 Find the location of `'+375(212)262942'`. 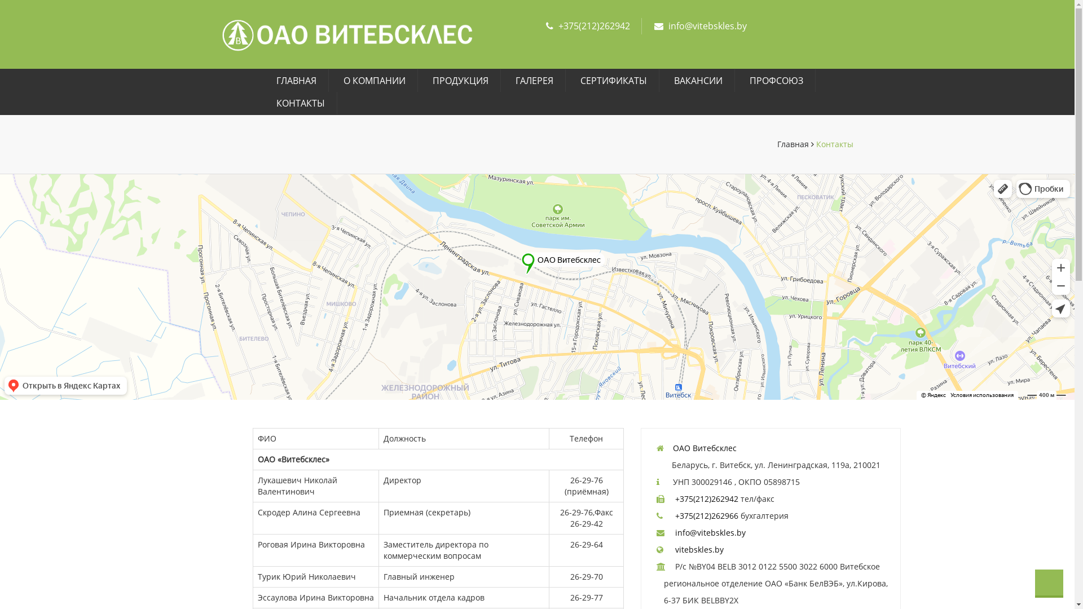

'+375(212)262942' is located at coordinates (593, 25).